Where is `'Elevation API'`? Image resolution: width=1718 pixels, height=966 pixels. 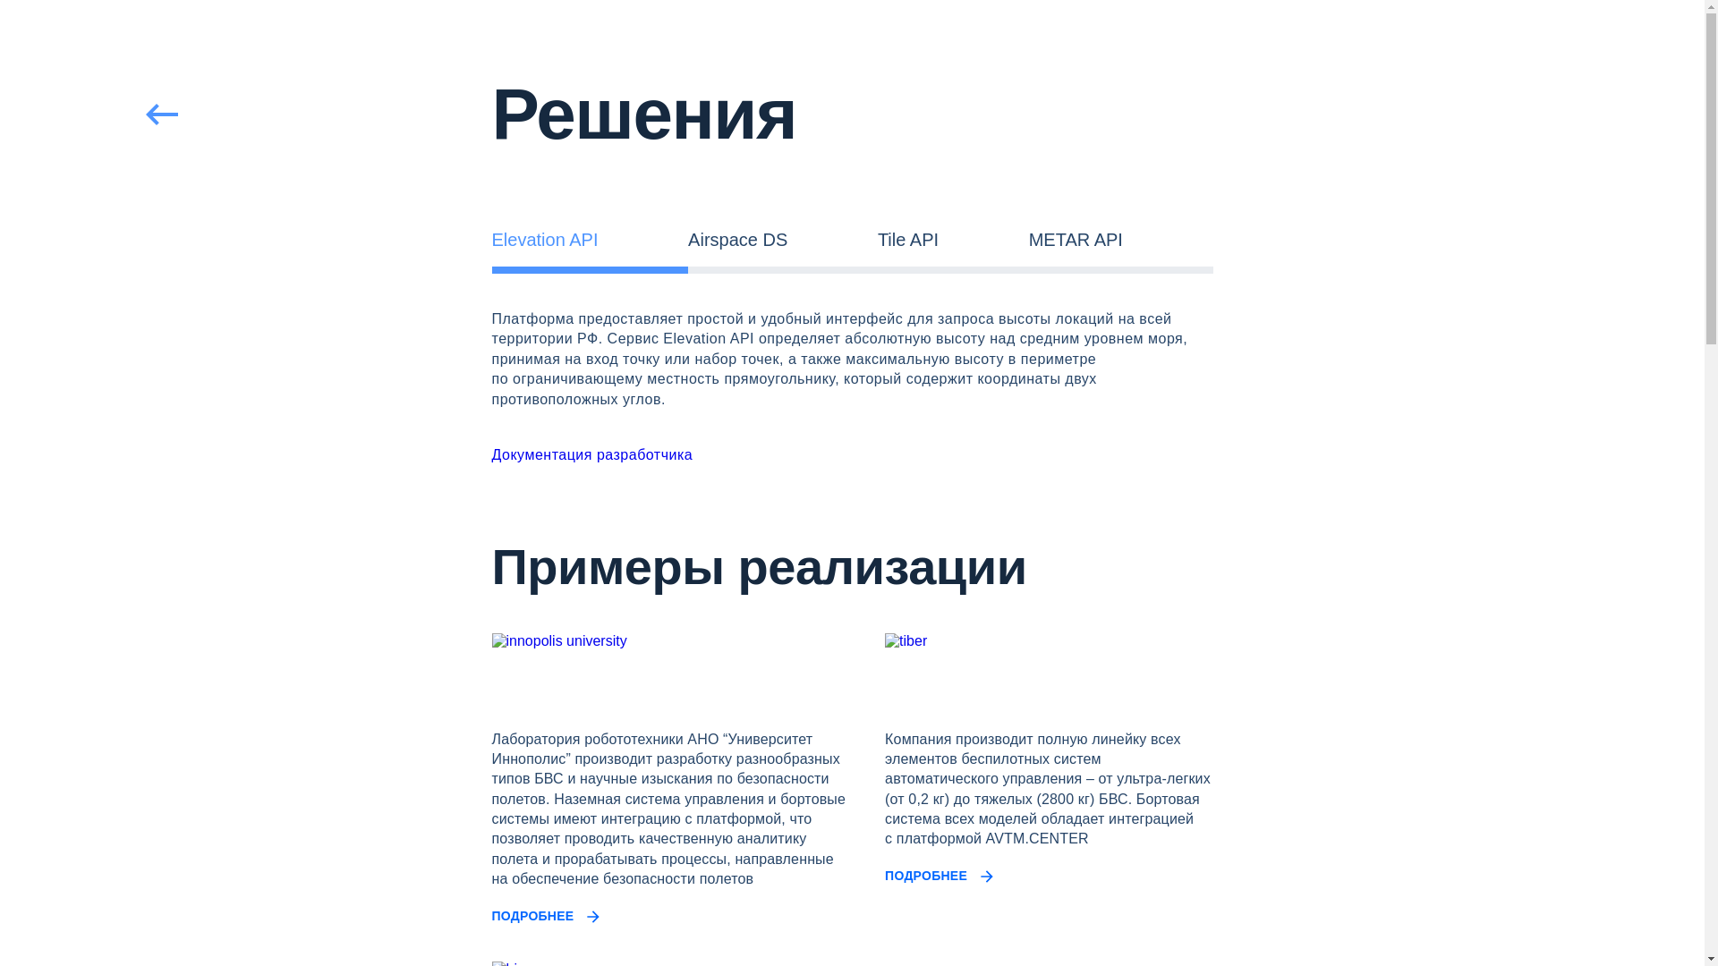
'Elevation API' is located at coordinates (591, 238).